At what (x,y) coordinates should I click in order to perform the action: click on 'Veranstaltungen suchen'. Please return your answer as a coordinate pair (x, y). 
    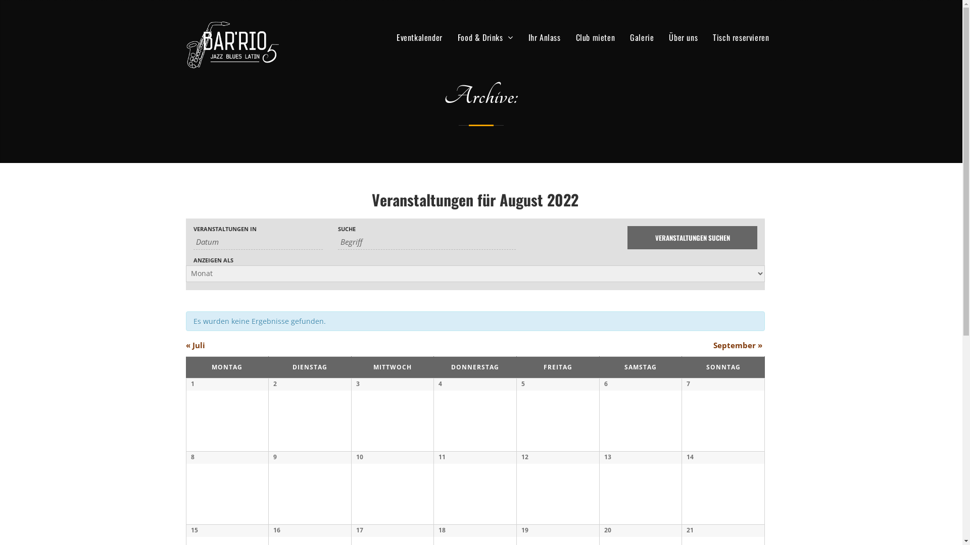
    Looking at the image, I should click on (692, 237).